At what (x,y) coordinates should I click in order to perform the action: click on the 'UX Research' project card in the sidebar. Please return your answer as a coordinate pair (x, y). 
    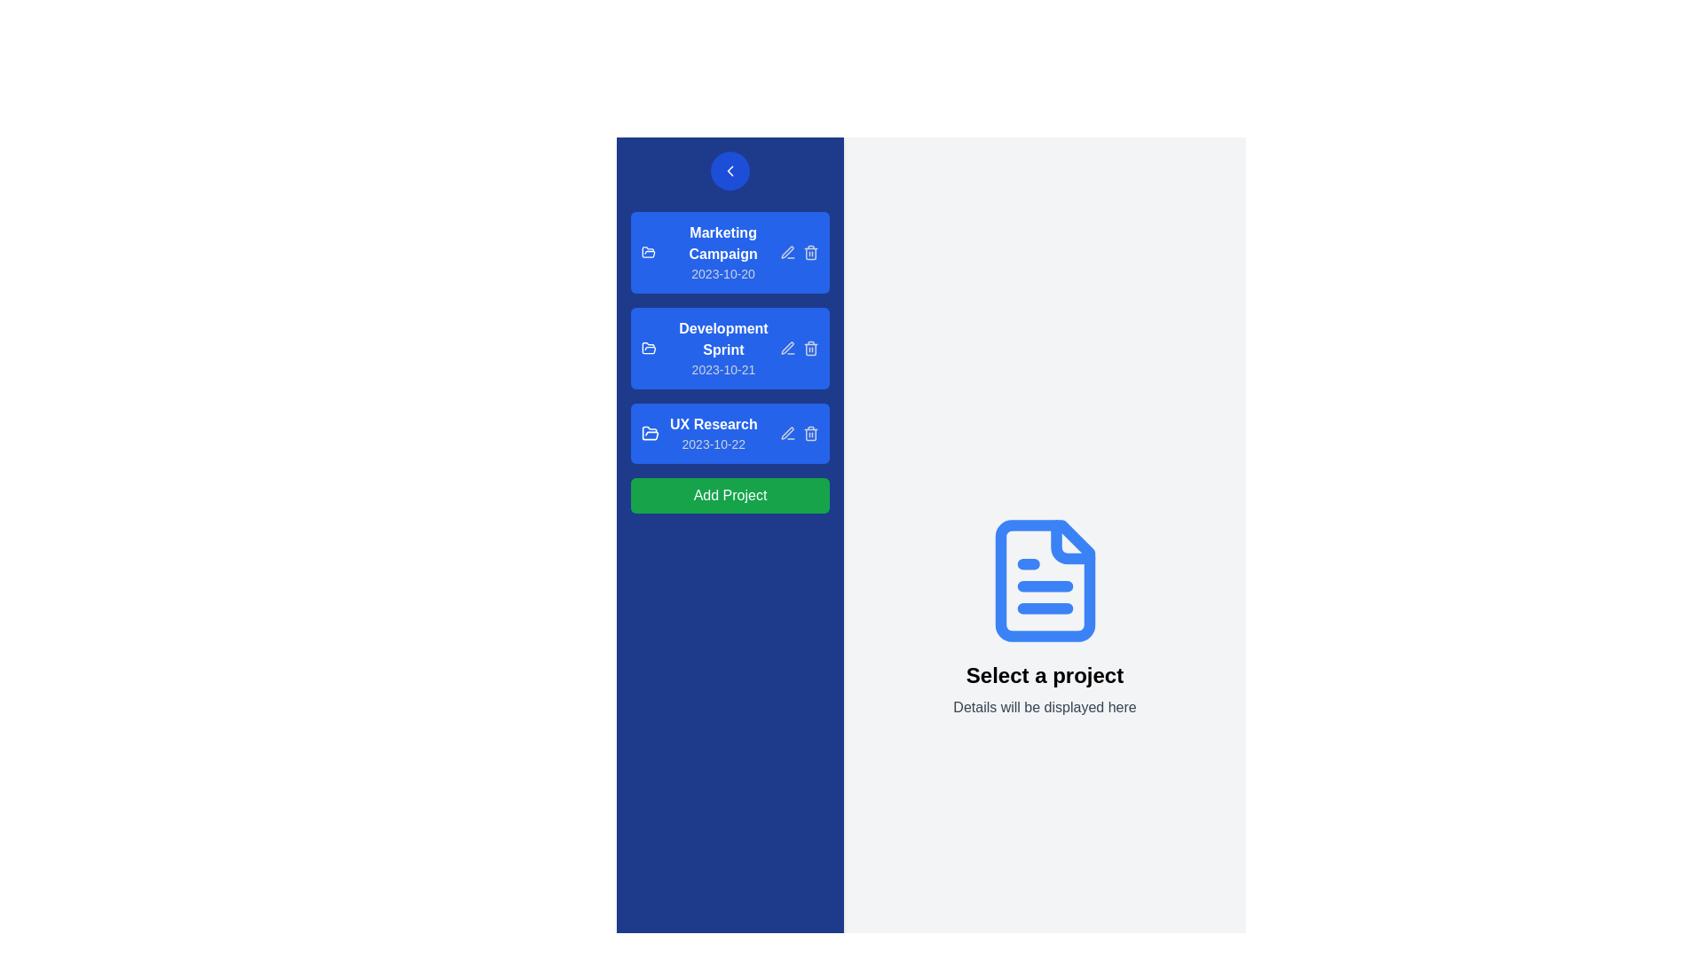
    Looking at the image, I should click on (698, 434).